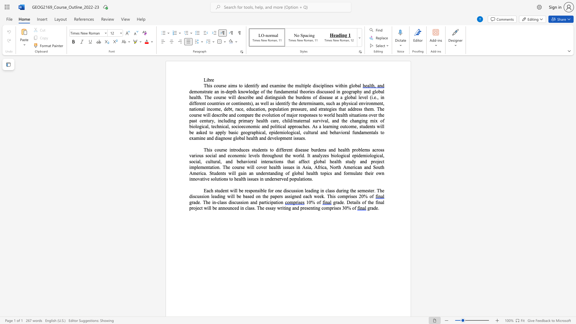 Image resolution: width=576 pixels, height=324 pixels. I want to click on the 1th character "c" in the text, so click(236, 126).